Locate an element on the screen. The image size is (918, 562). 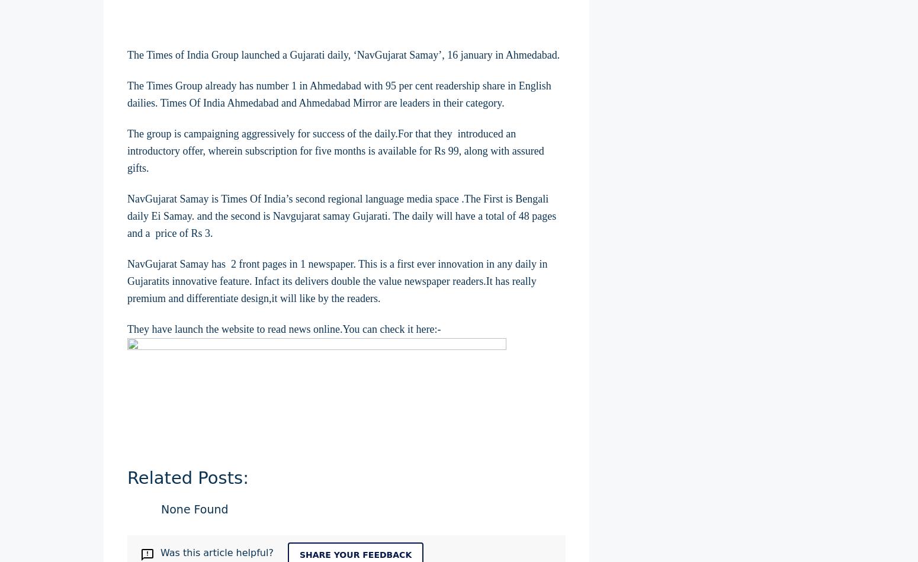
'Related Posts:' is located at coordinates (187, 477).